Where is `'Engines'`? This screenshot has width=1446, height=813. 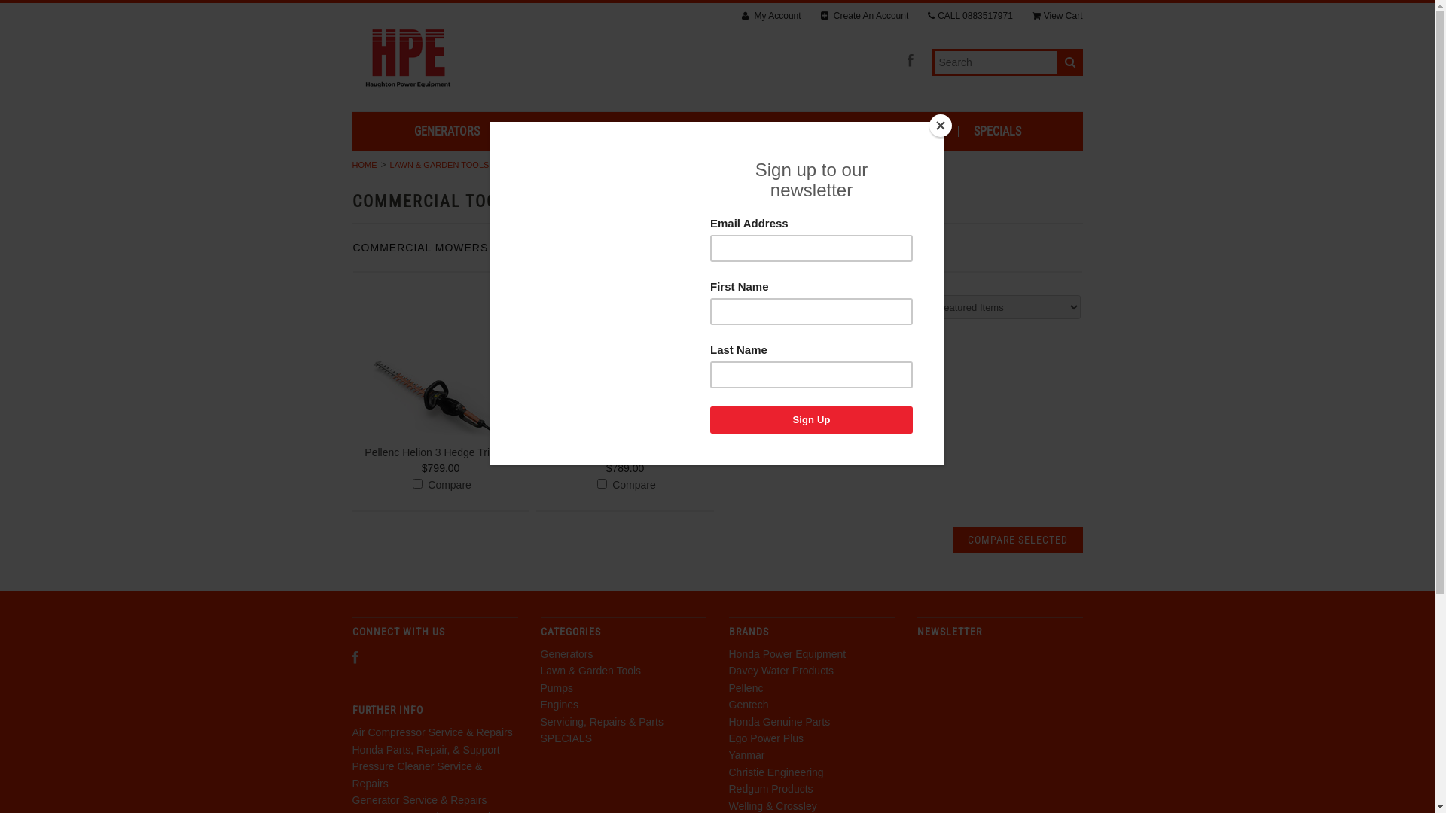
'Engines' is located at coordinates (559, 705).